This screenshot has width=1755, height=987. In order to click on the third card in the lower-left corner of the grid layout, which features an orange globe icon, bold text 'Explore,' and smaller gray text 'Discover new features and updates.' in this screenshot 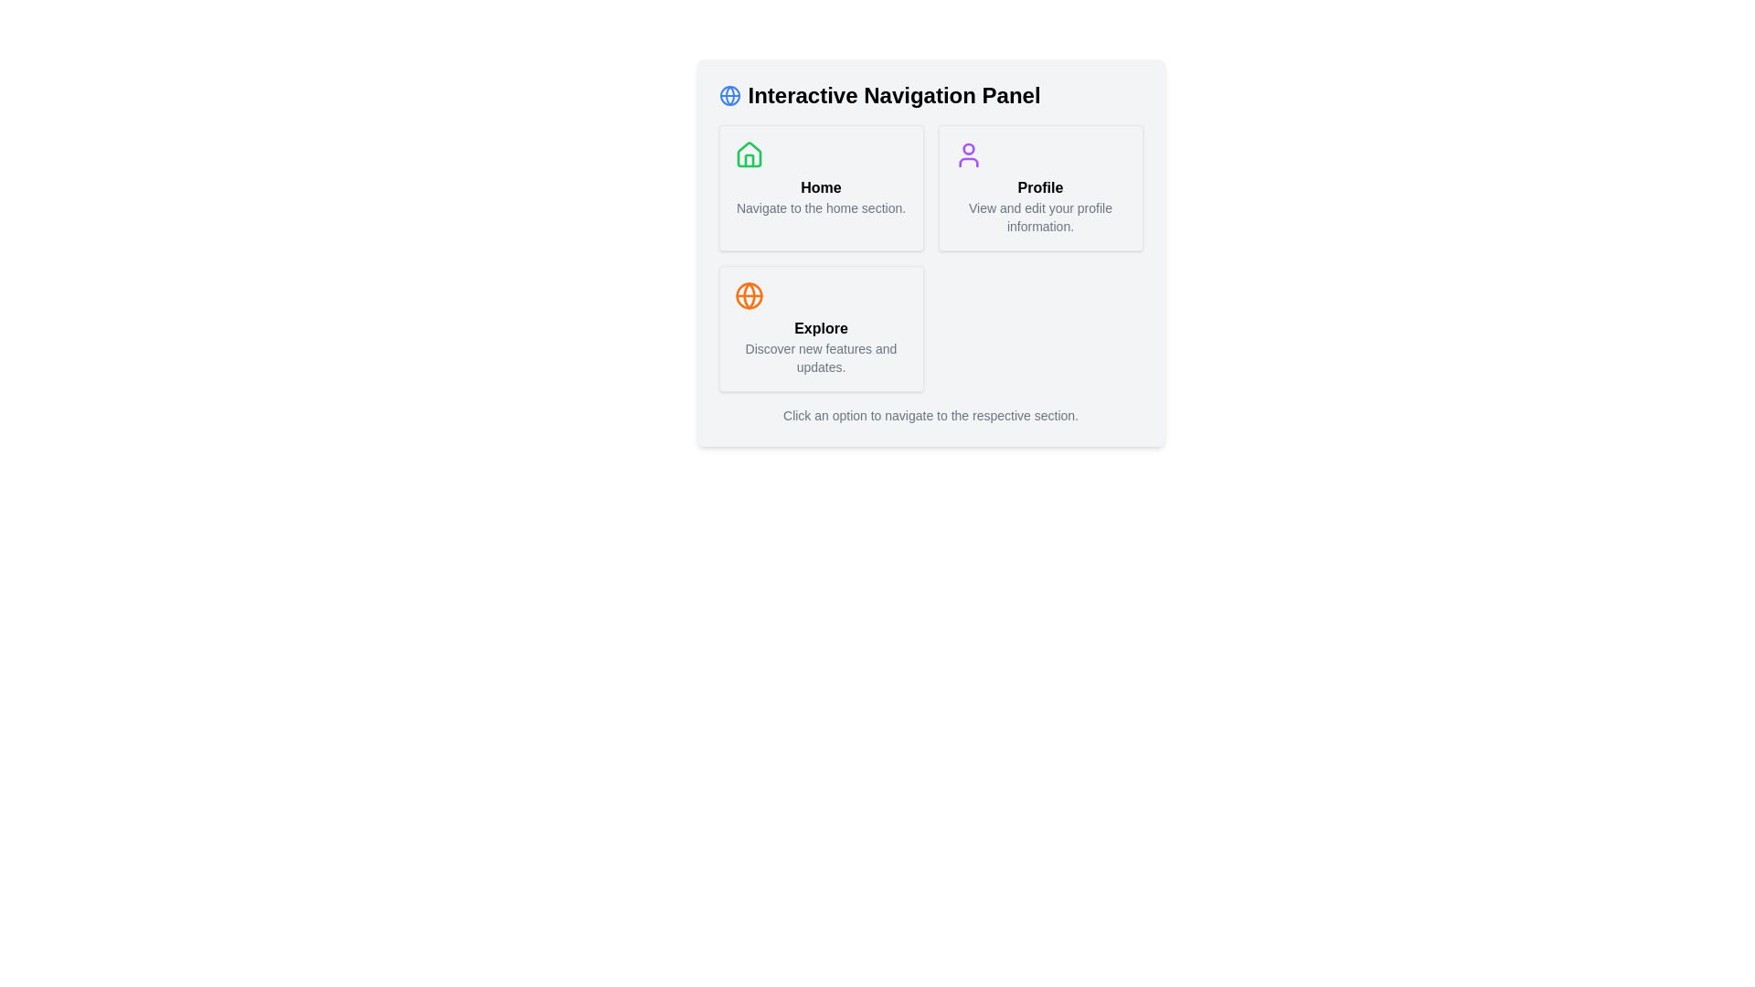, I will do `click(820, 327)`.